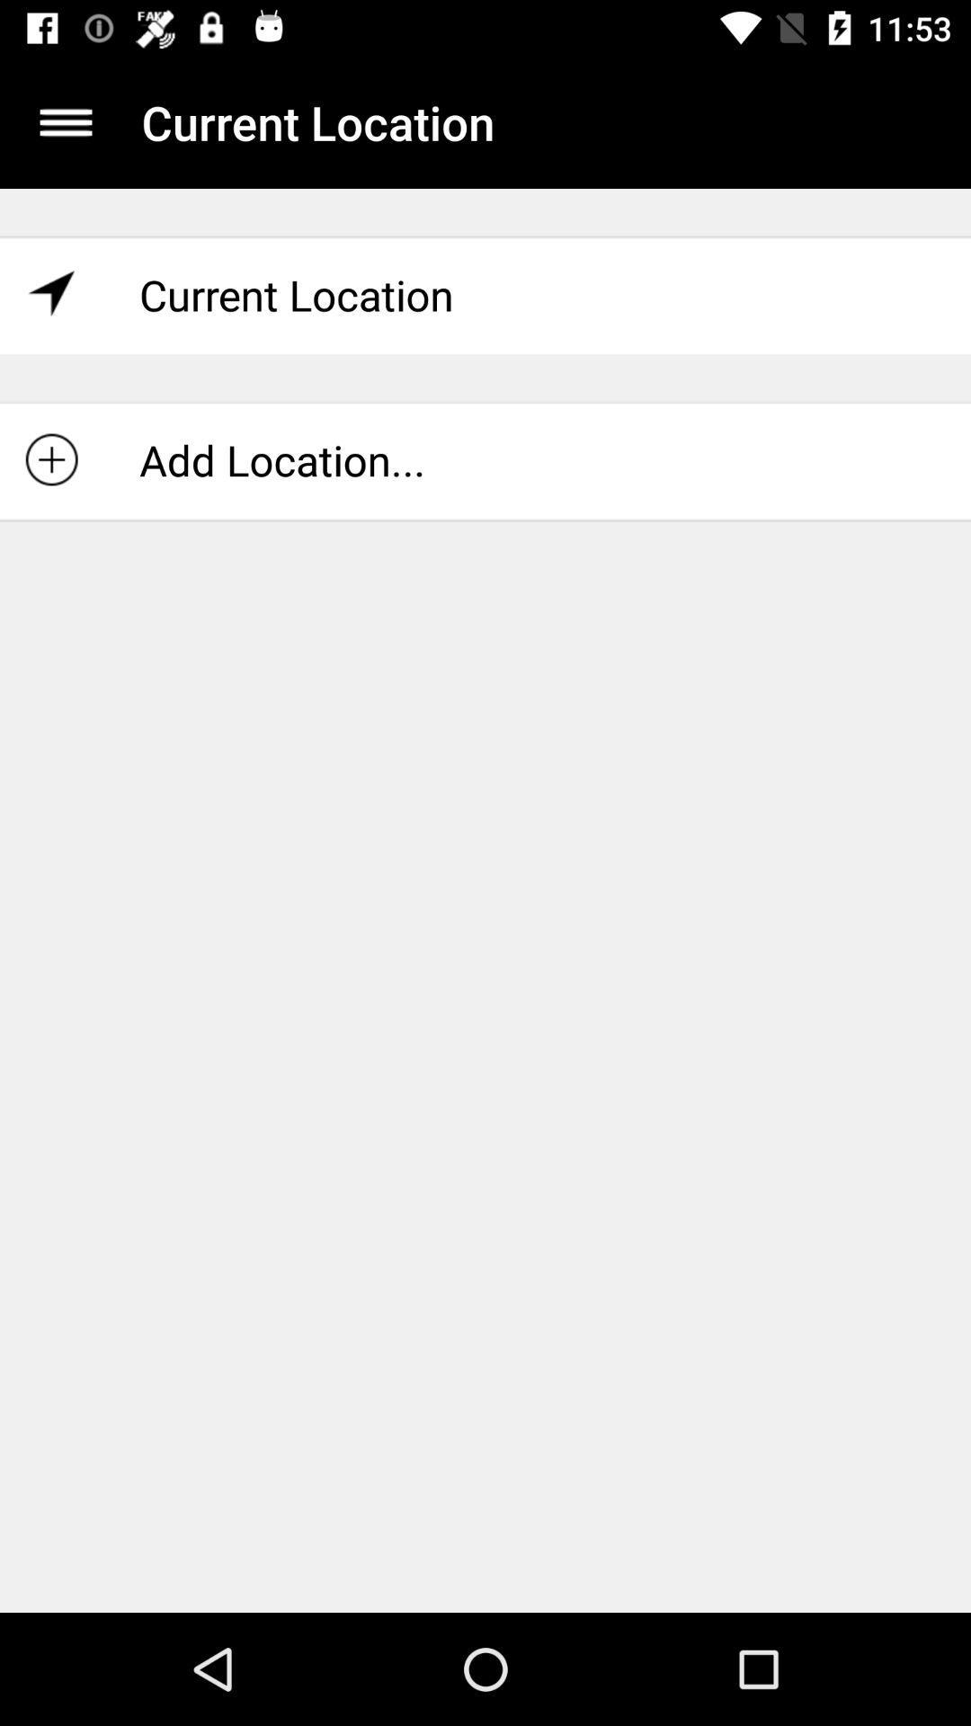 Image resolution: width=971 pixels, height=1726 pixels. What do you see at coordinates (65, 121) in the screenshot?
I see `open main menu` at bounding box center [65, 121].